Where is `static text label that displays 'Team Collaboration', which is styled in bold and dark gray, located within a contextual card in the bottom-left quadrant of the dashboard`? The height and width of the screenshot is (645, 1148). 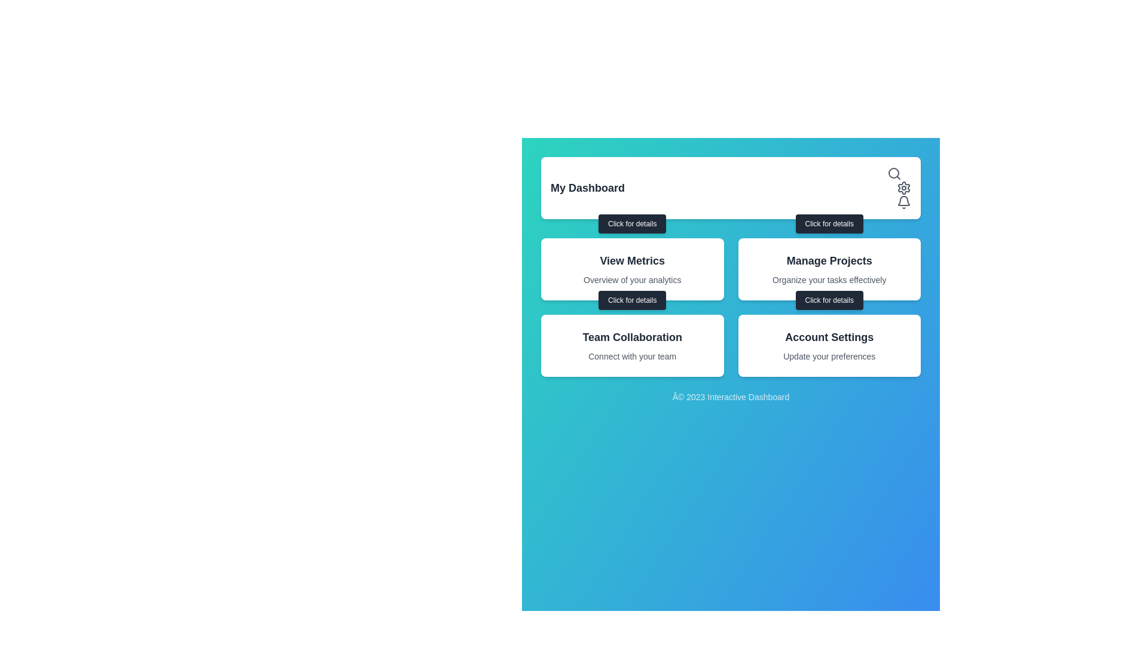 static text label that displays 'Team Collaboration', which is styled in bold and dark gray, located within a contextual card in the bottom-left quadrant of the dashboard is located at coordinates (631, 337).